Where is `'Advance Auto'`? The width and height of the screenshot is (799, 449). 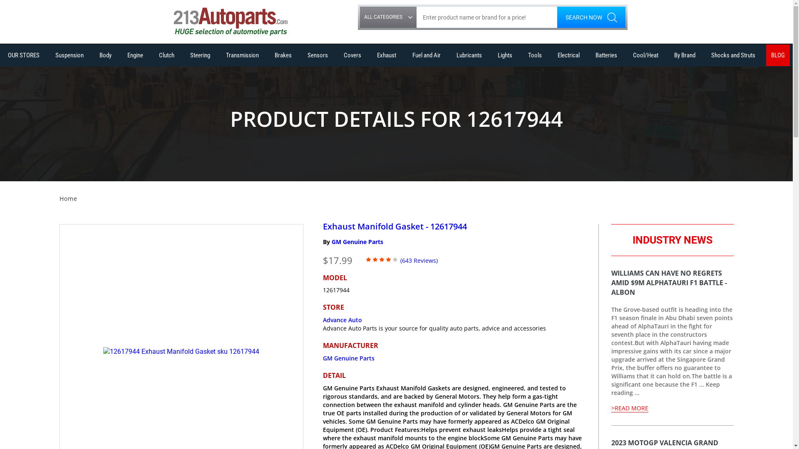 'Advance Auto' is located at coordinates (342, 319).